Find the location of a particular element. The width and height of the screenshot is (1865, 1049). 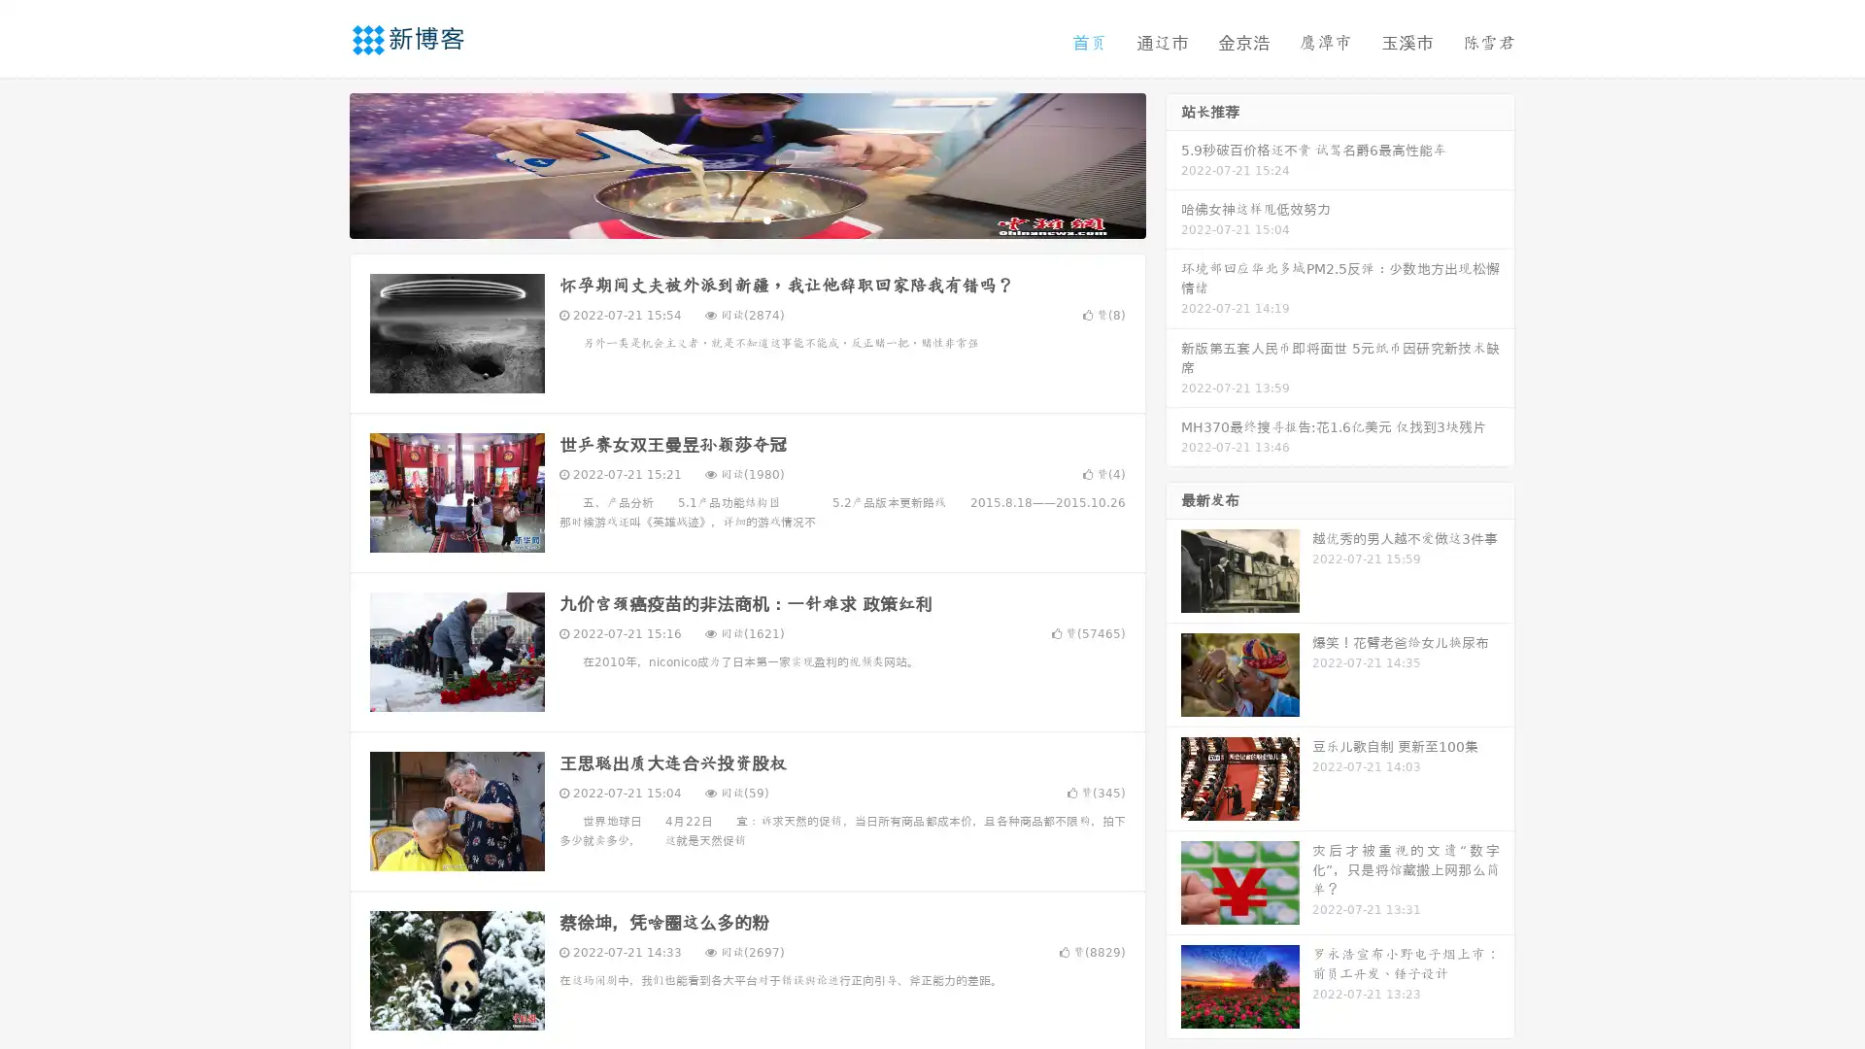

Next slide is located at coordinates (1173, 163).